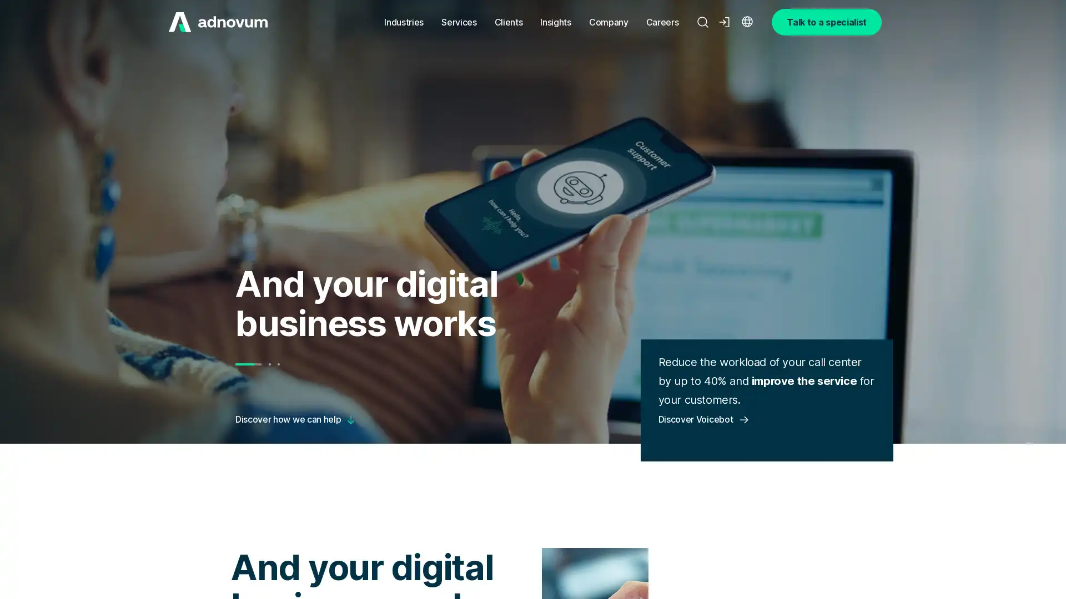  What do you see at coordinates (269, 364) in the screenshot?
I see `Go to slide 2` at bounding box center [269, 364].